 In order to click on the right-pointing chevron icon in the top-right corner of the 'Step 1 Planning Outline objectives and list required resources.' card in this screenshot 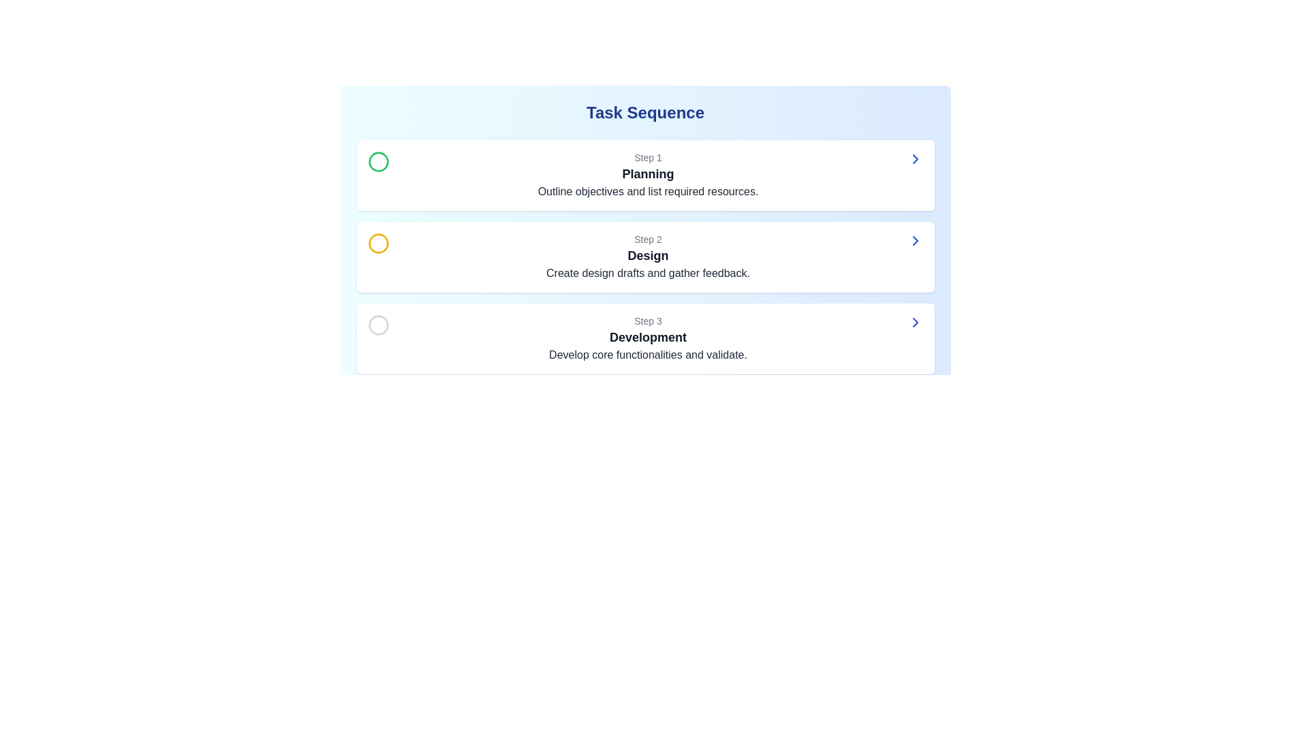, I will do `click(915, 159)`.